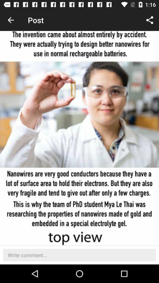  What do you see at coordinates (11, 20) in the screenshot?
I see `the icon next to post item` at bounding box center [11, 20].